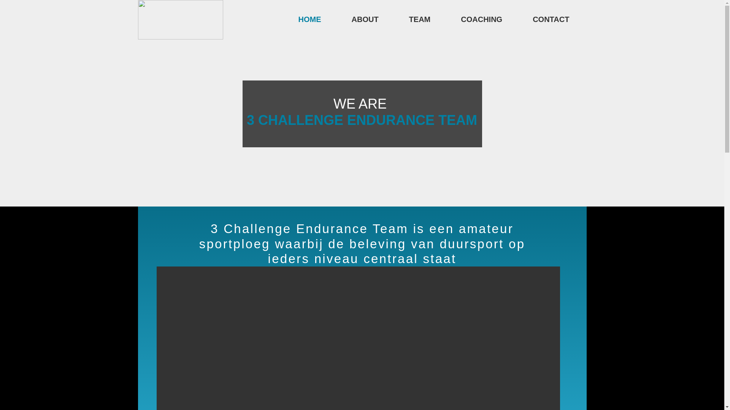 This screenshot has width=730, height=410. Describe the element at coordinates (551, 19) in the screenshot. I see `'CONTACT'` at that location.